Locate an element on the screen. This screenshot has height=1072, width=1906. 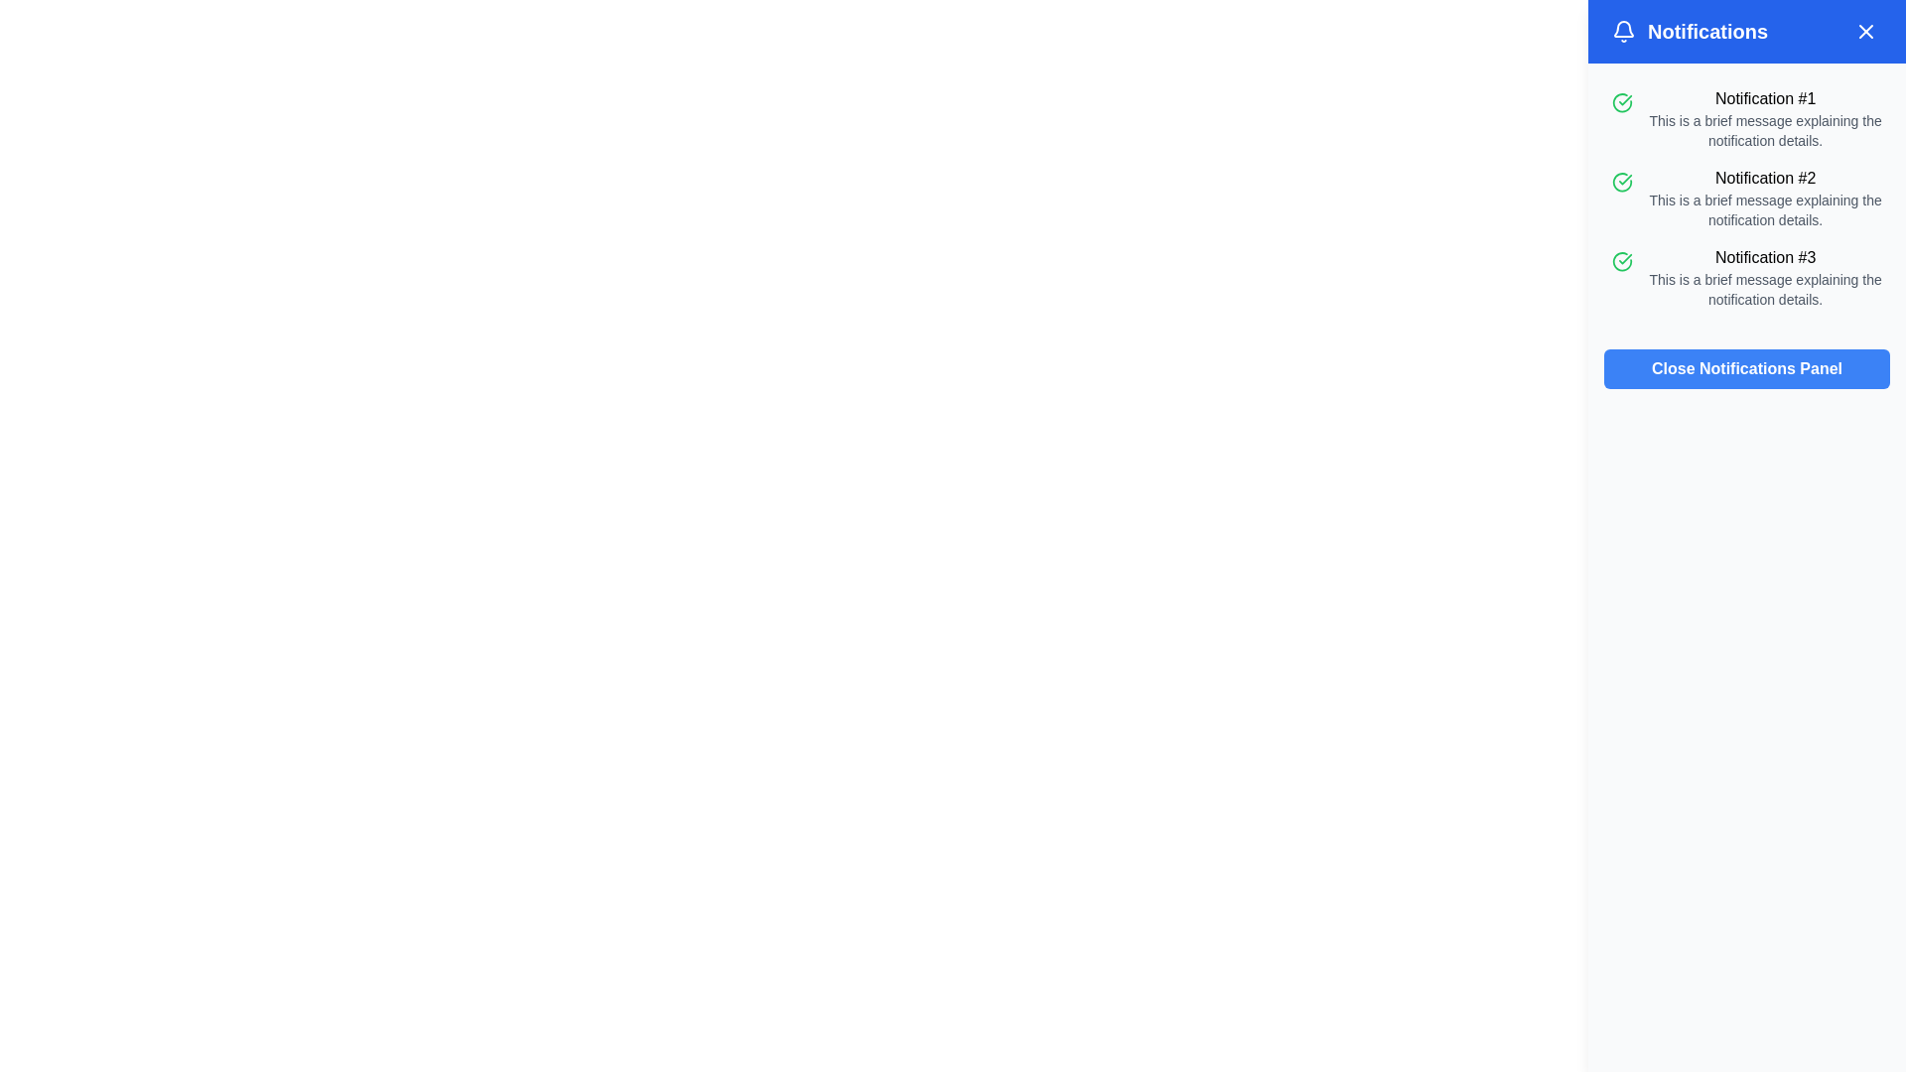
the informational Text element located directly beneath 'Notification #1' in the notifications panel, which is centrally aligned within the panel is located at coordinates (1765, 130).